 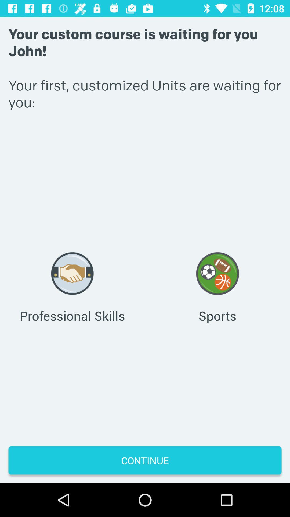 What do you see at coordinates (145, 460) in the screenshot?
I see `the continue button` at bounding box center [145, 460].